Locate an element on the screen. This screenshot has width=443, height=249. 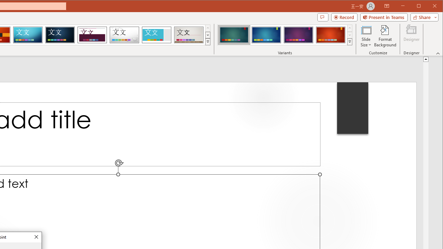
'Variants' is located at coordinates (350, 41).